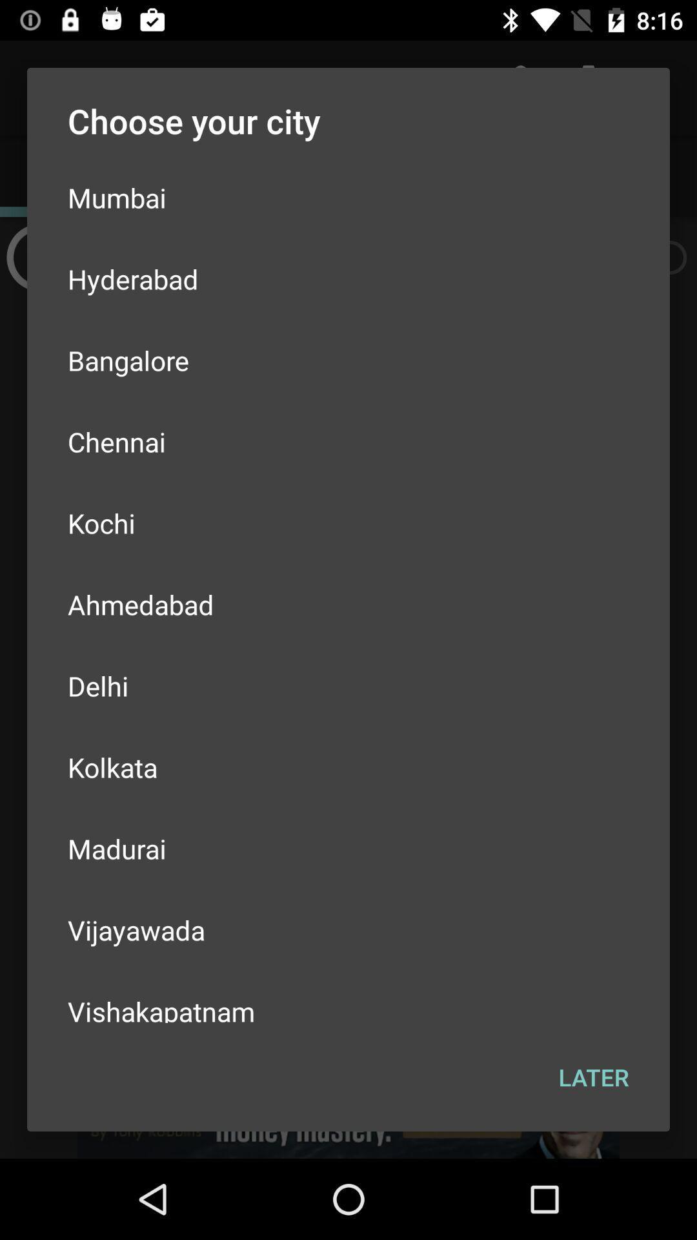 The image size is (697, 1240). I want to click on item above the chennai, so click(348, 360).